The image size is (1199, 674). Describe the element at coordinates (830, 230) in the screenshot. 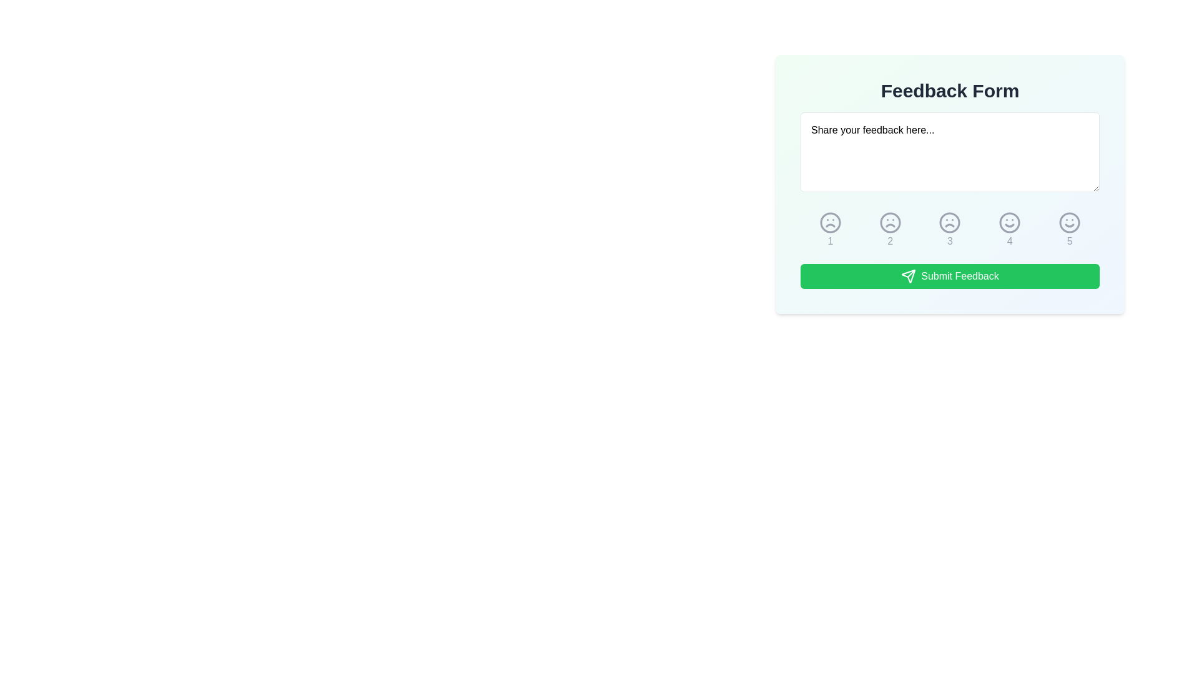

I see `the frowning face rating button, which is the first in a row of circular icons representing ratings` at that location.